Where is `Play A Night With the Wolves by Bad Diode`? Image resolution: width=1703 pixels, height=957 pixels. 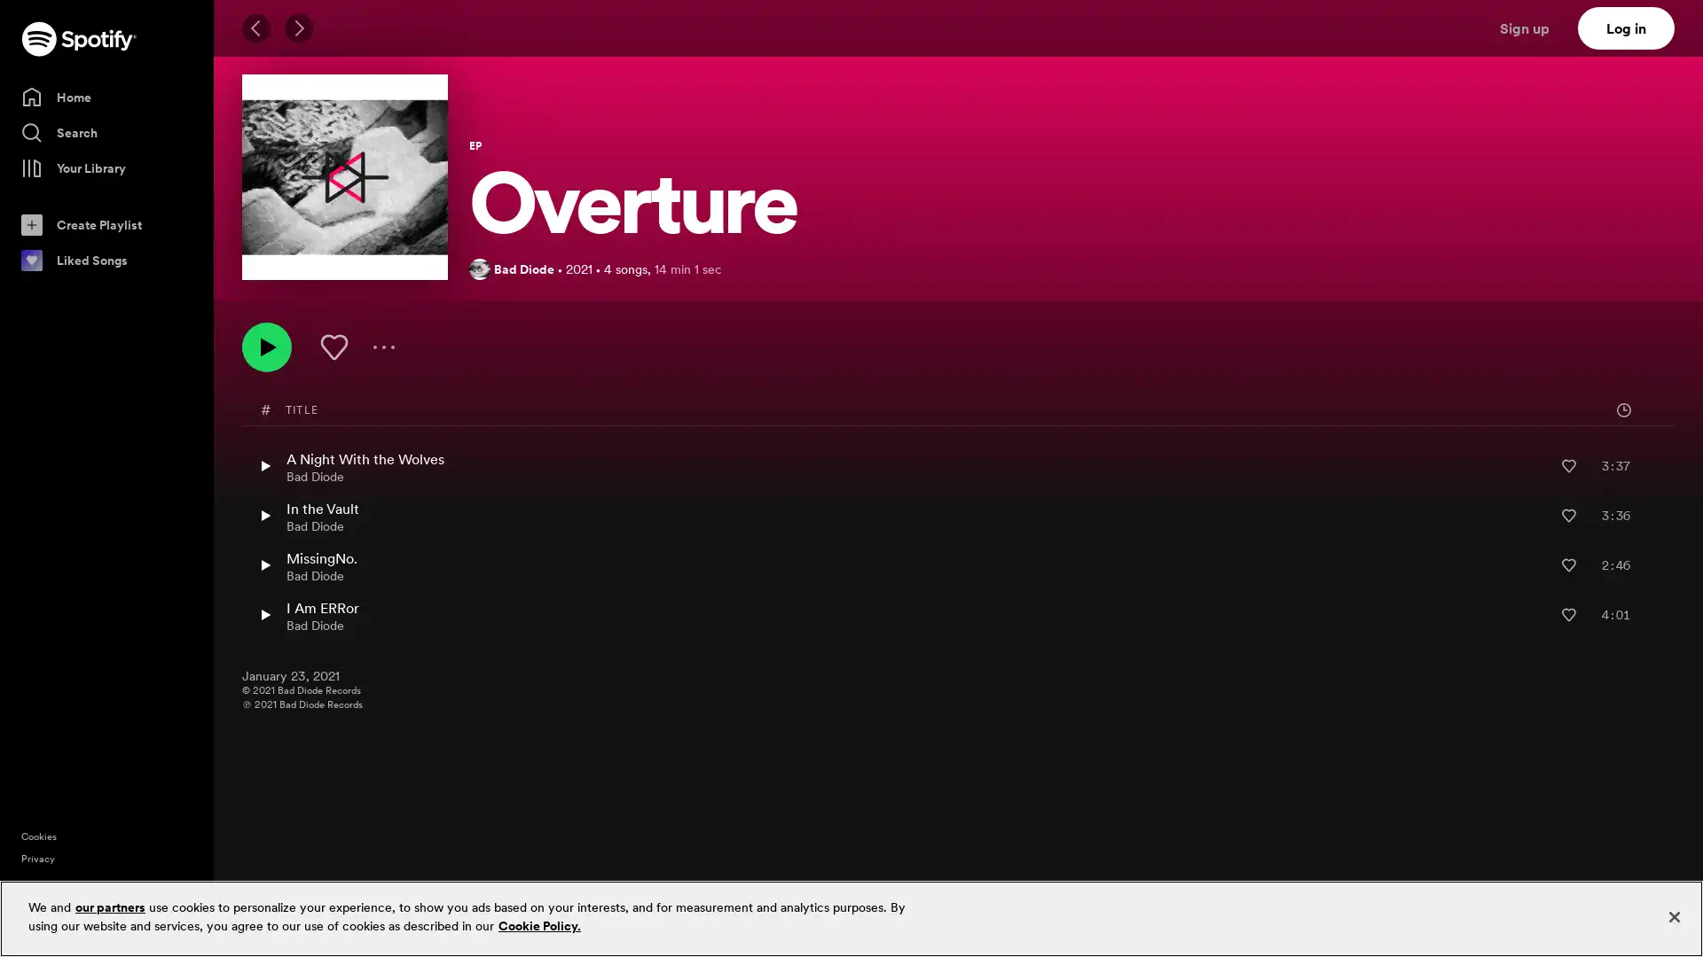
Play A Night With the Wolves by Bad Diode is located at coordinates (263, 464).